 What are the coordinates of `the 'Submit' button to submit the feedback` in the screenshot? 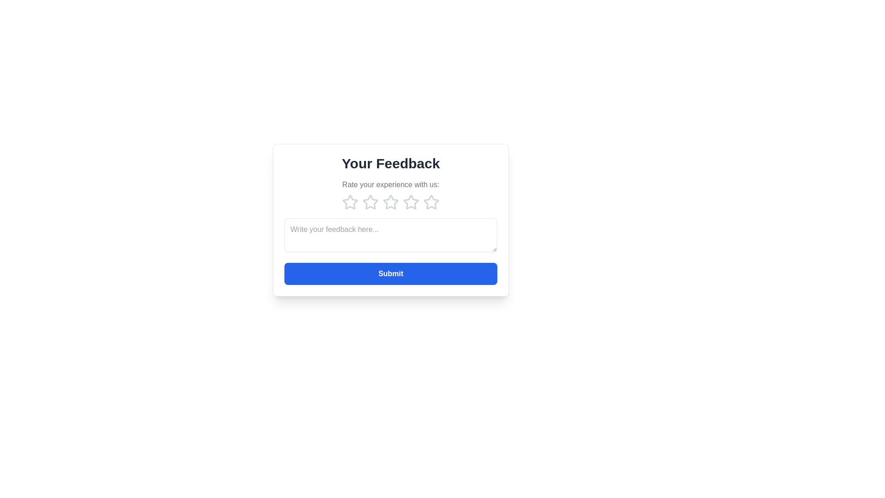 It's located at (391, 273).